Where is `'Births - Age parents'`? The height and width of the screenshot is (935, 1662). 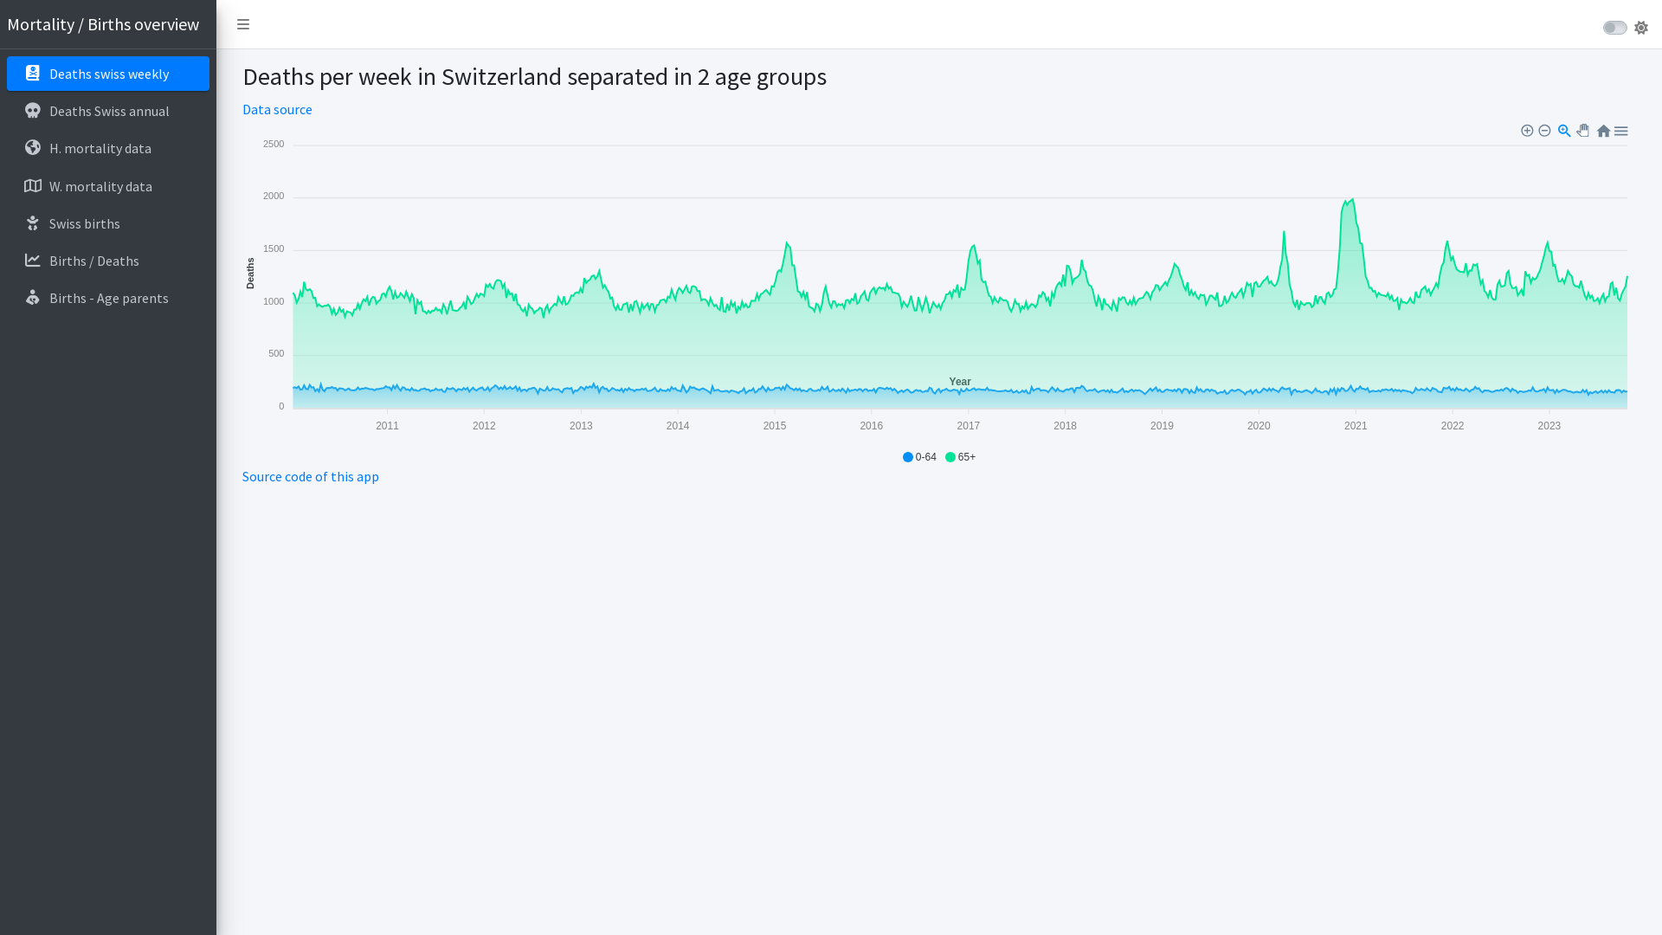
'Births - Age parents' is located at coordinates (106, 296).